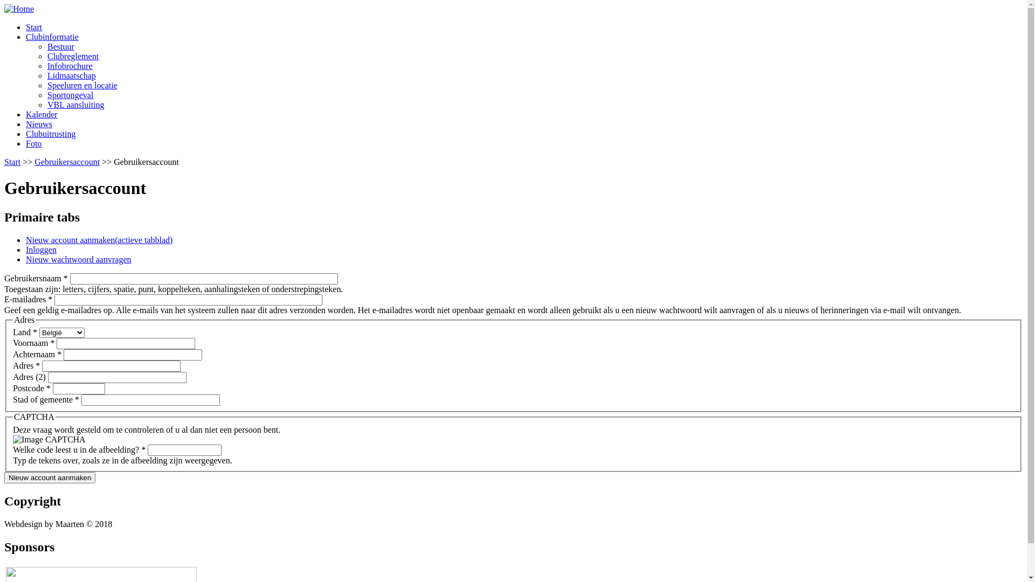 This screenshot has width=1035, height=582. Describe the element at coordinates (69, 66) in the screenshot. I see `'Infobrochure'` at that location.